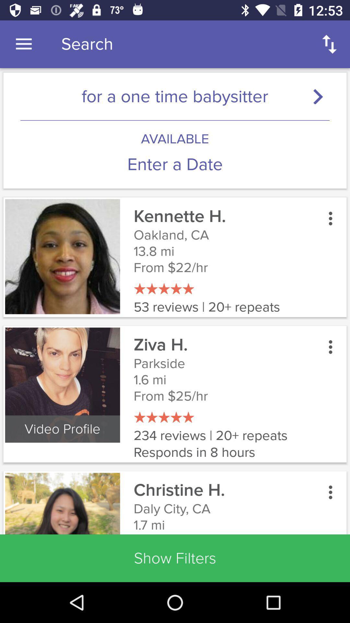 This screenshot has width=350, height=623. What do you see at coordinates (175, 165) in the screenshot?
I see `item below available icon` at bounding box center [175, 165].